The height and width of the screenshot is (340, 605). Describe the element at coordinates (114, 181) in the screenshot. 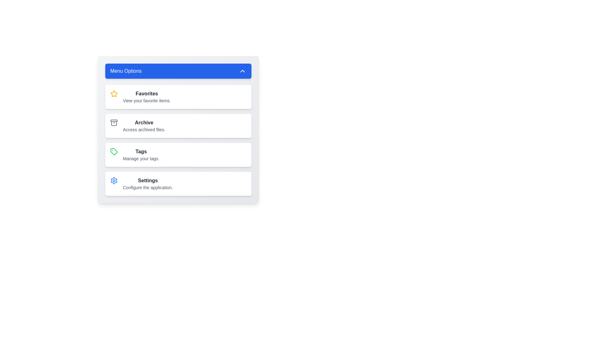

I see `the blue-colored gear icon that represents the settings menu, located to the left of the 'Settings' text in the bottom-most section of the vertical menu` at that location.